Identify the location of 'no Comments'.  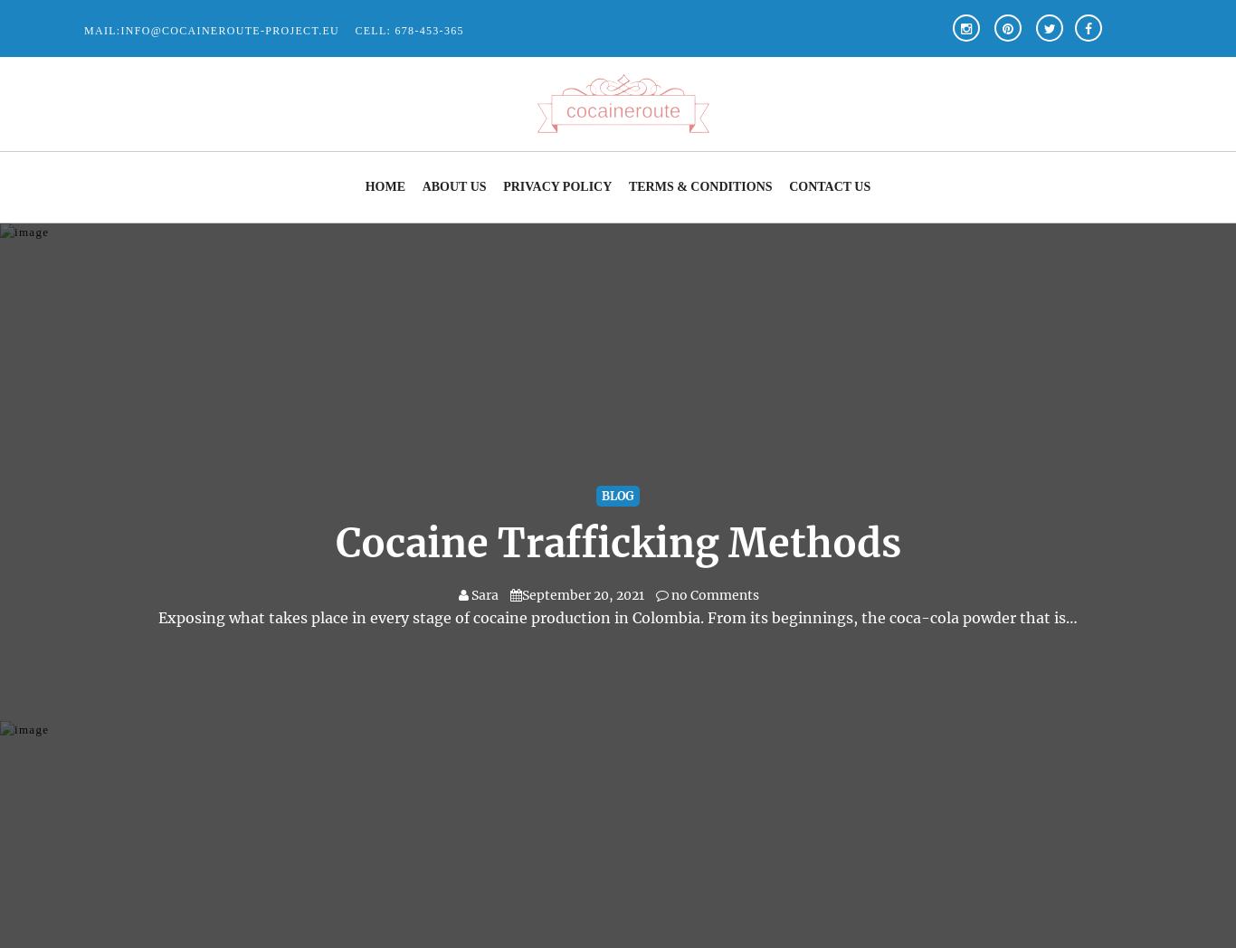
(714, 595).